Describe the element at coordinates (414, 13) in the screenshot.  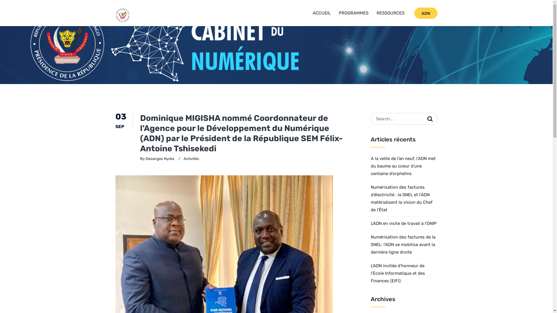
I see `'ADN'` at that location.